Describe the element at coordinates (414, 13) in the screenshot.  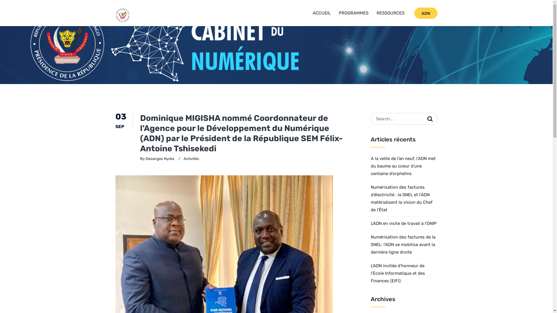
I see `'ADN'` at that location.